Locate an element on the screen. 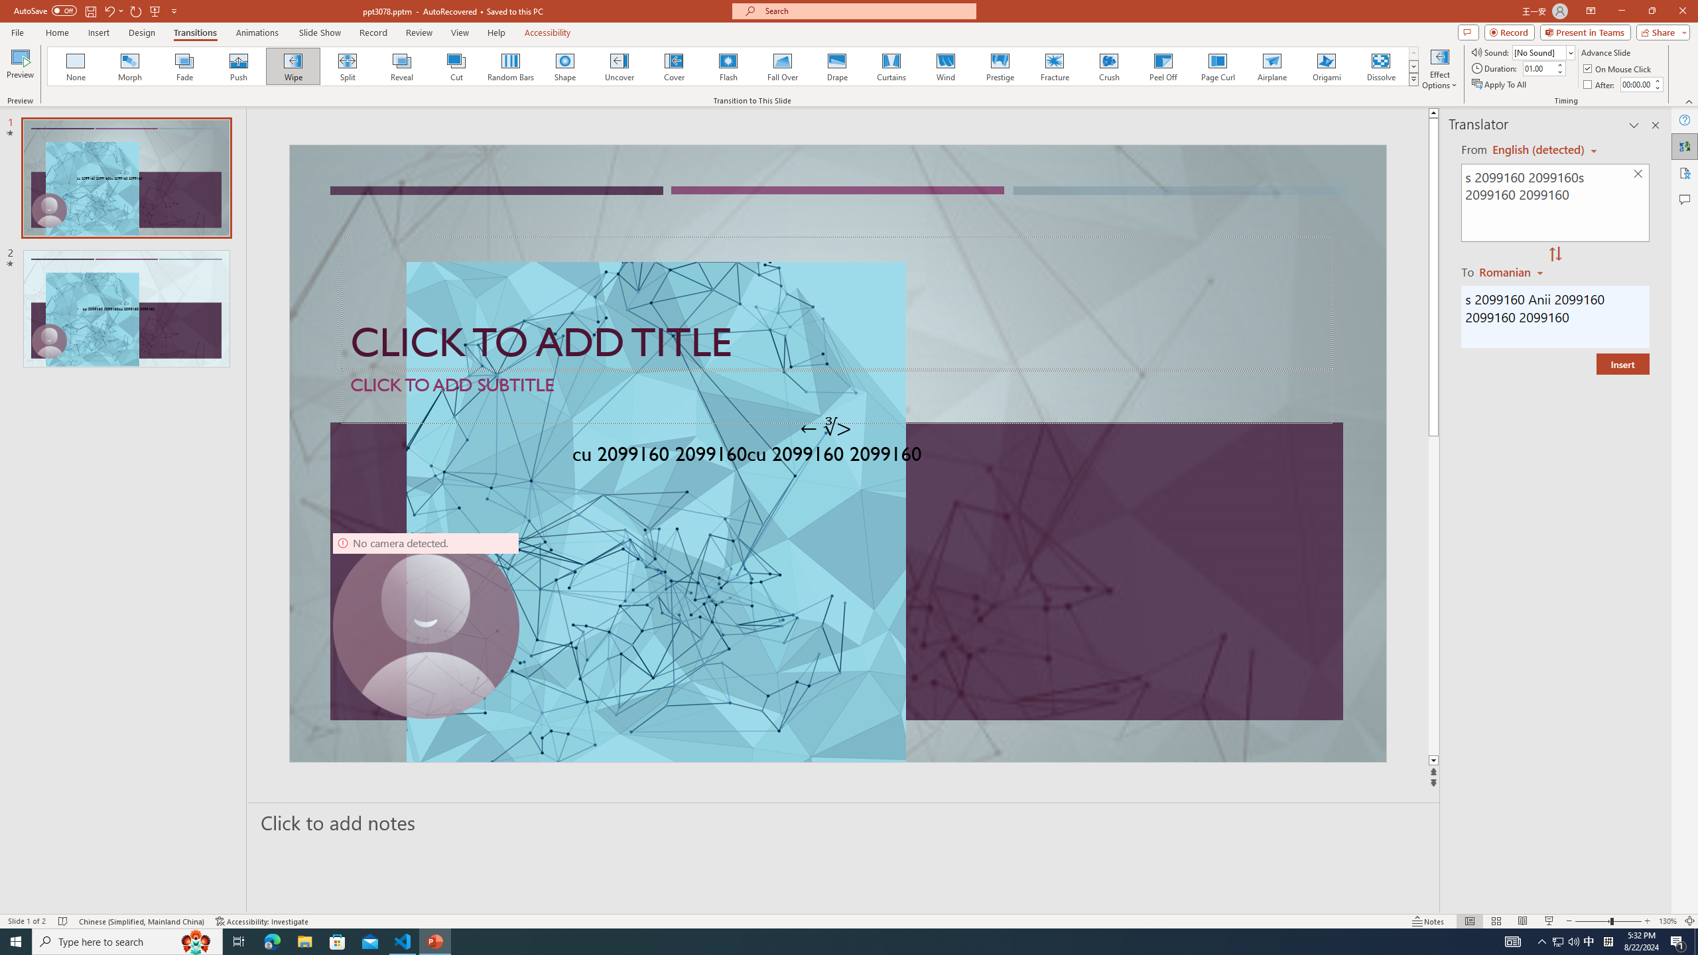 This screenshot has width=1698, height=955. 'Reveal' is located at coordinates (402, 66).